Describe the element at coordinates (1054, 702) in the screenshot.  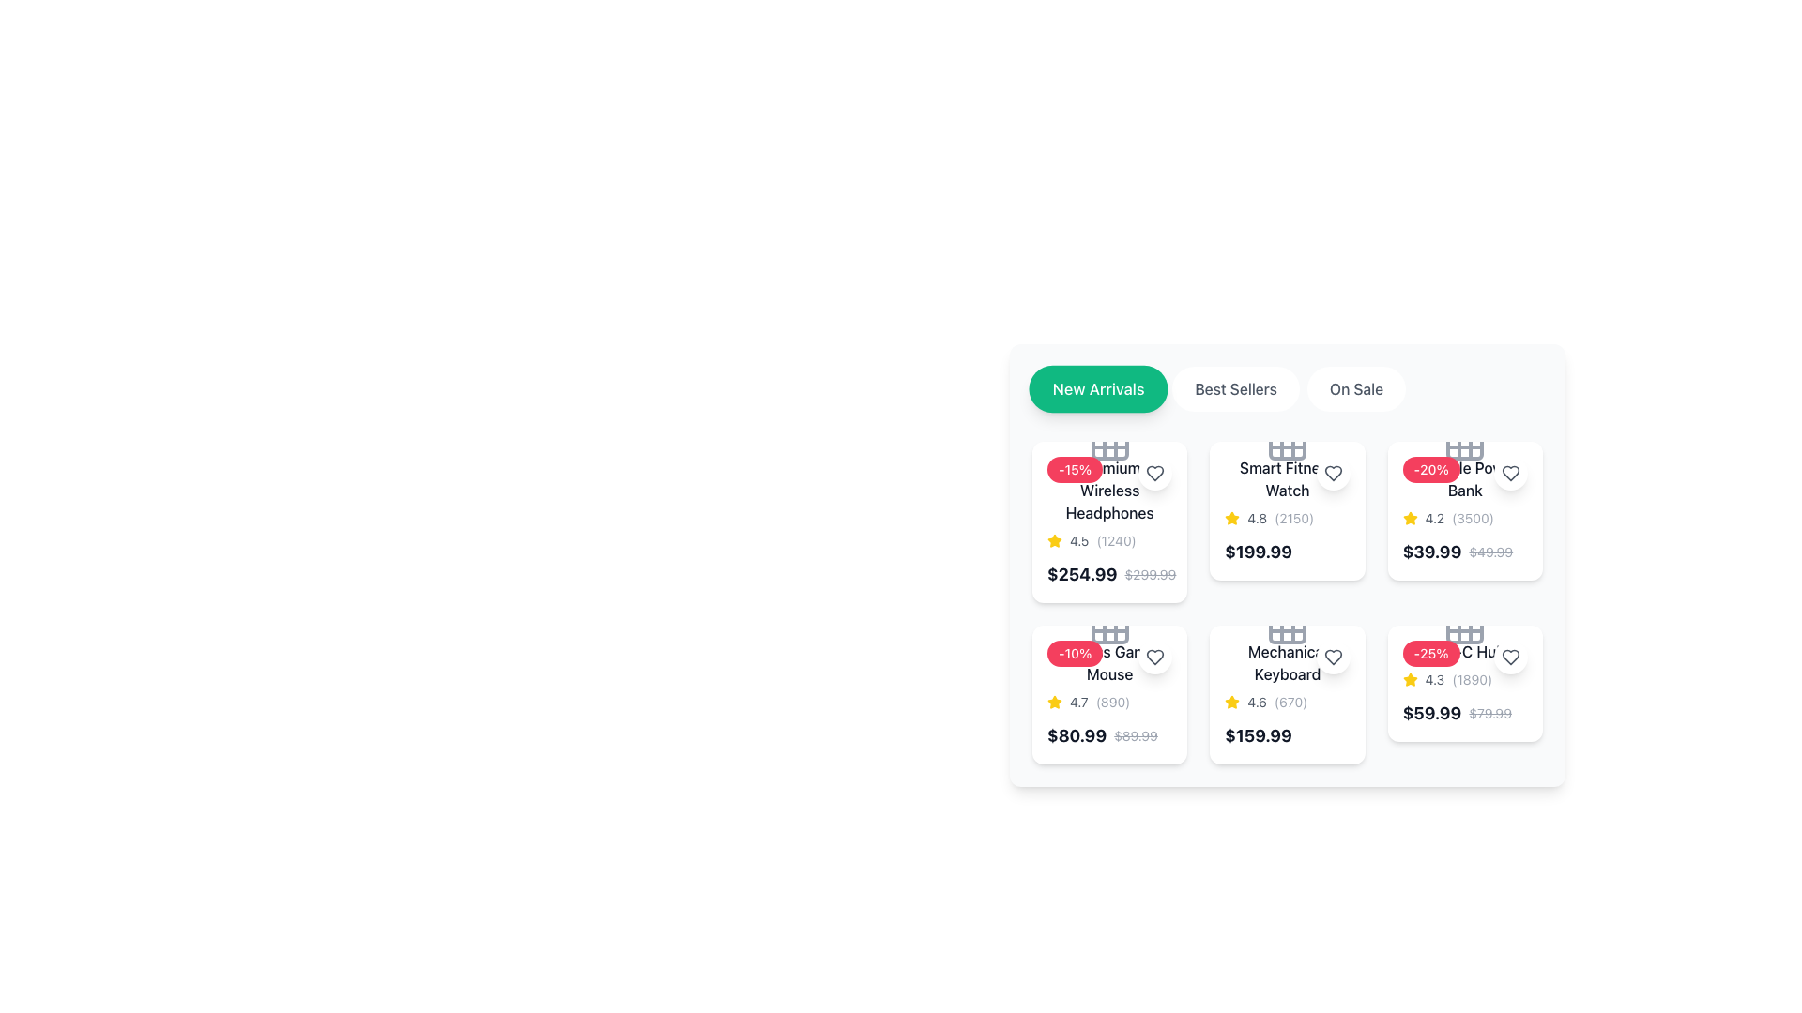
I see `the yellow star icon, which is the leftmost element in the rating information section of the product card, preceding the text '4.7' and the count '(890)'` at that location.